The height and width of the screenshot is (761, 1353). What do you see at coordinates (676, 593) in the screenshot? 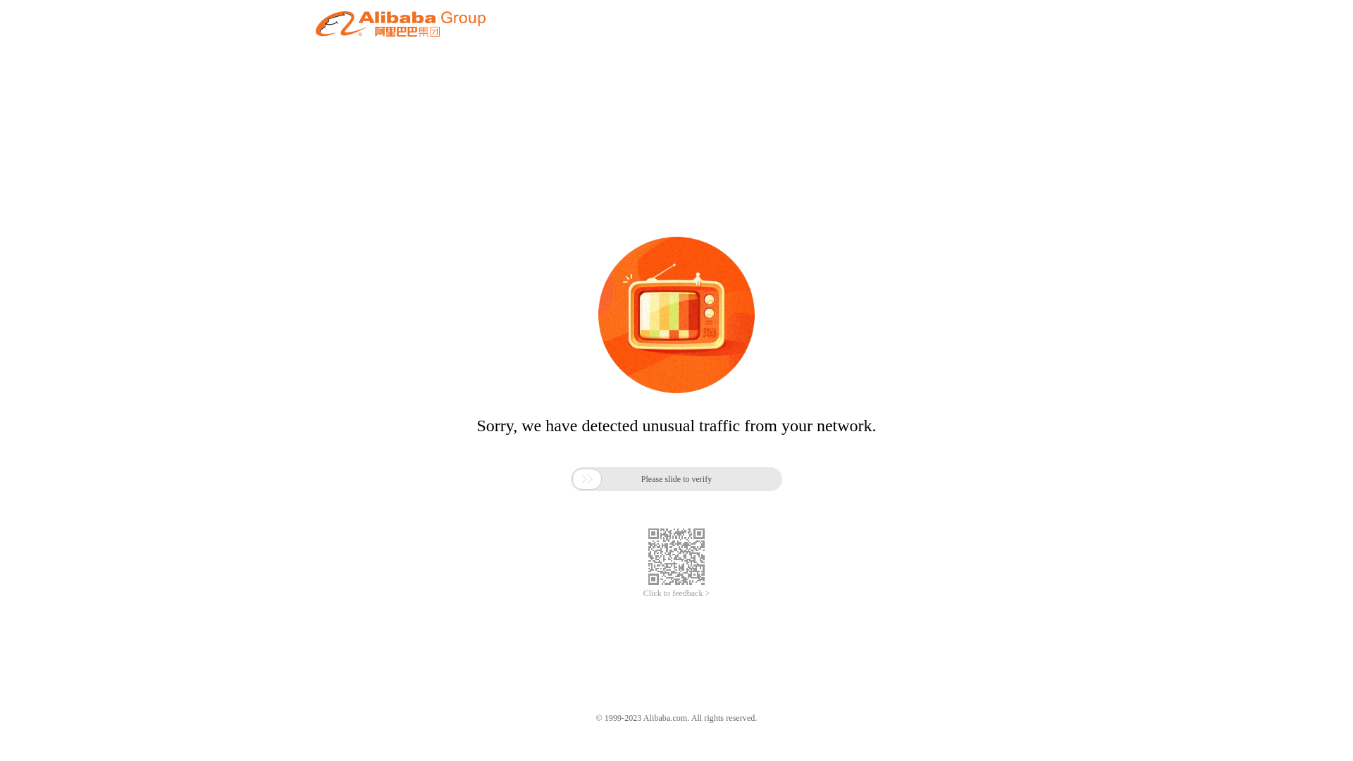
I see `'Click to feedback >'` at bounding box center [676, 593].